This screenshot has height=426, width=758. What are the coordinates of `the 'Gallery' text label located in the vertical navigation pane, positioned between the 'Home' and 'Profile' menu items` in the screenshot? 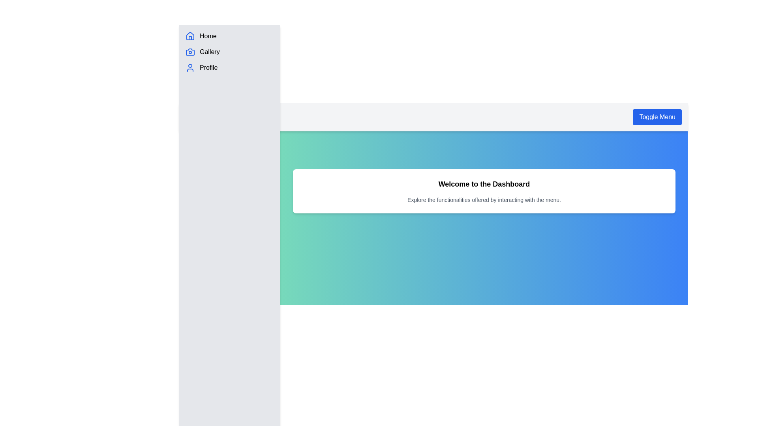 It's located at (210, 52).